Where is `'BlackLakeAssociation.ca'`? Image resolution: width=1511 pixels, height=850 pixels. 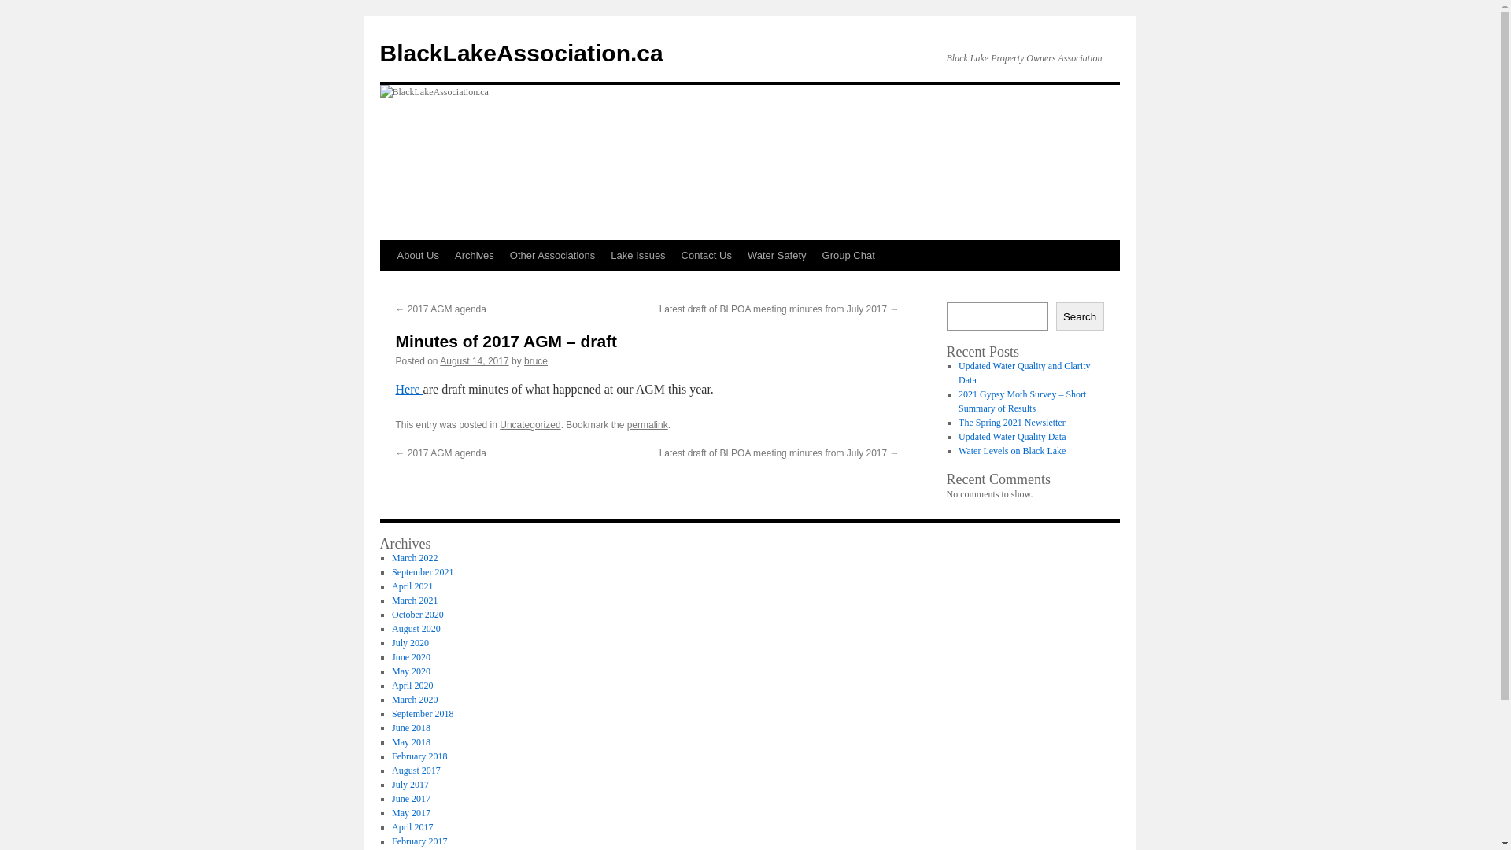
'BlackLakeAssociation.ca' is located at coordinates (521, 52).